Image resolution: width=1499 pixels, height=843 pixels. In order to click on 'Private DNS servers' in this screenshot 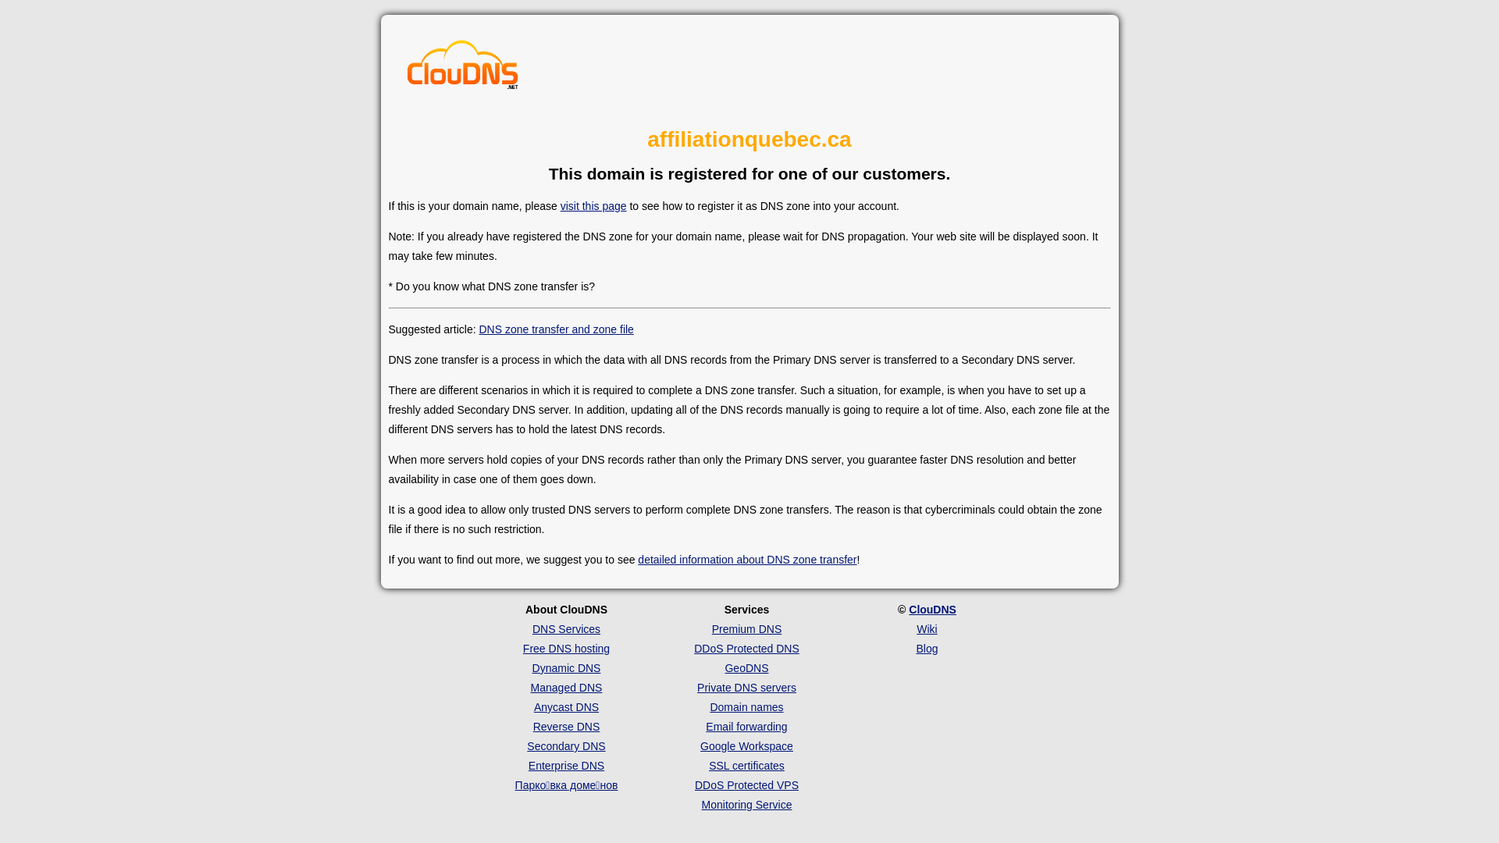, I will do `click(746, 686)`.